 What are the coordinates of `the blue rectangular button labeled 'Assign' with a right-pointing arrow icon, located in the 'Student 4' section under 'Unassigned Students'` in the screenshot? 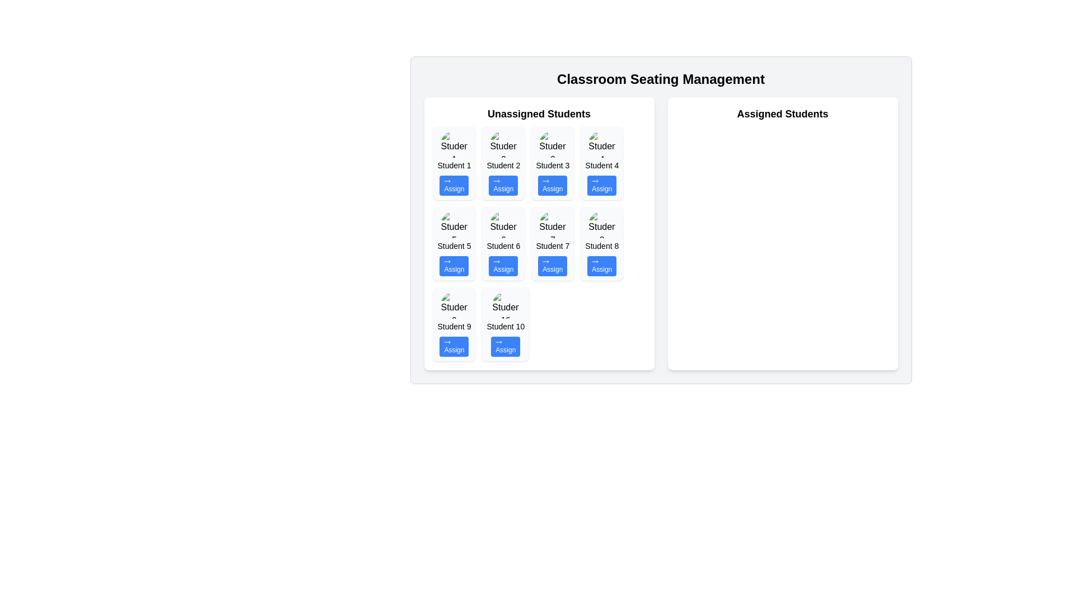 It's located at (601, 185).